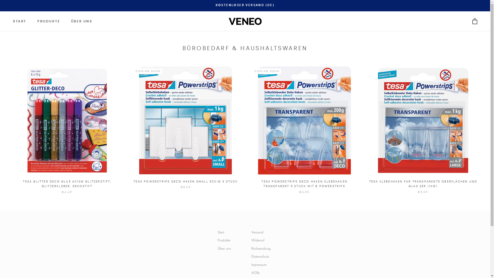  Describe the element at coordinates (49, 21) in the screenshot. I see `'PRODUKTE'` at that location.